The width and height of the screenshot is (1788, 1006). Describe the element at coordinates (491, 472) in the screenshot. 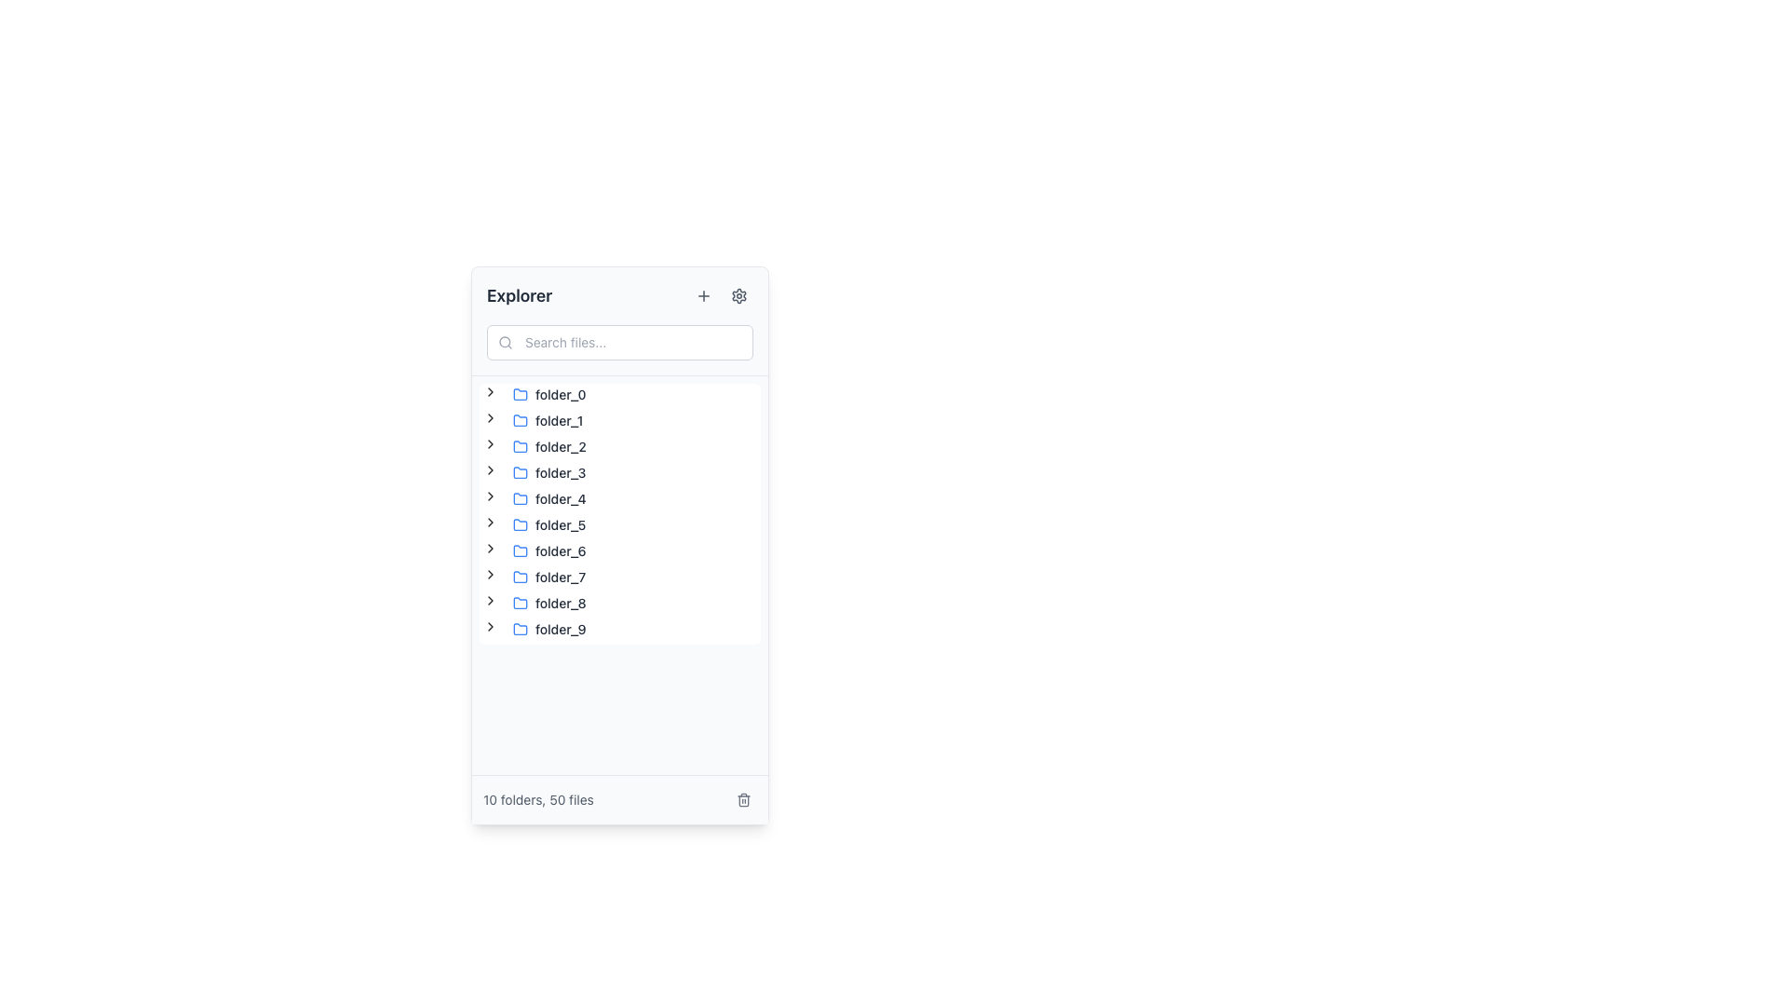

I see `the right-pointing chevron icon next to the label 'folder_3'` at that location.